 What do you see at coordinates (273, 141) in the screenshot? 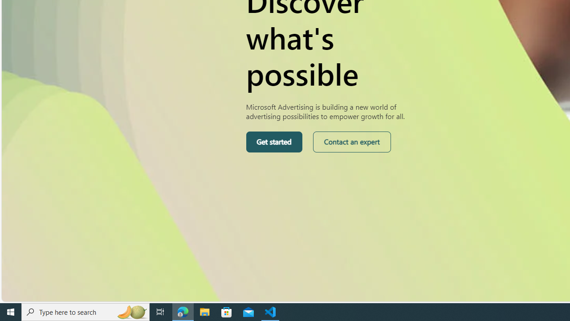
I see `'Get started'` at bounding box center [273, 141].